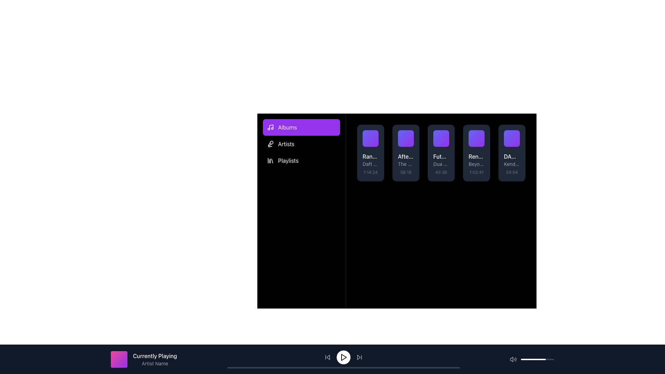 The height and width of the screenshot is (374, 665). I want to click on the static text label displaying the artist's name for the album 'Random Access Memories', which is positioned below the album title and above the duration text, so click(370, 164).